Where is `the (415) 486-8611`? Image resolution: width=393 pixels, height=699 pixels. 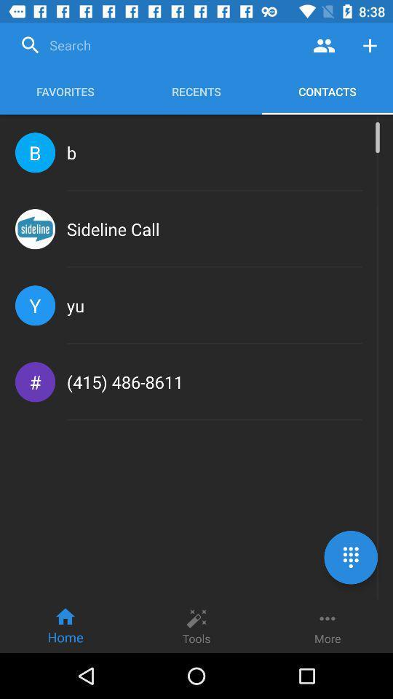
the (415) 486-8611 is located at coordinates (124, 381).